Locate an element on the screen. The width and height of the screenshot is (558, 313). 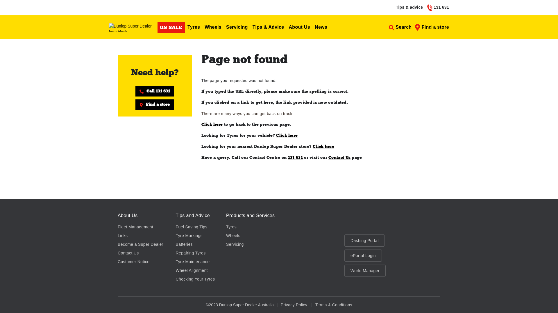
'Links' is located at coordinates (122, 236).